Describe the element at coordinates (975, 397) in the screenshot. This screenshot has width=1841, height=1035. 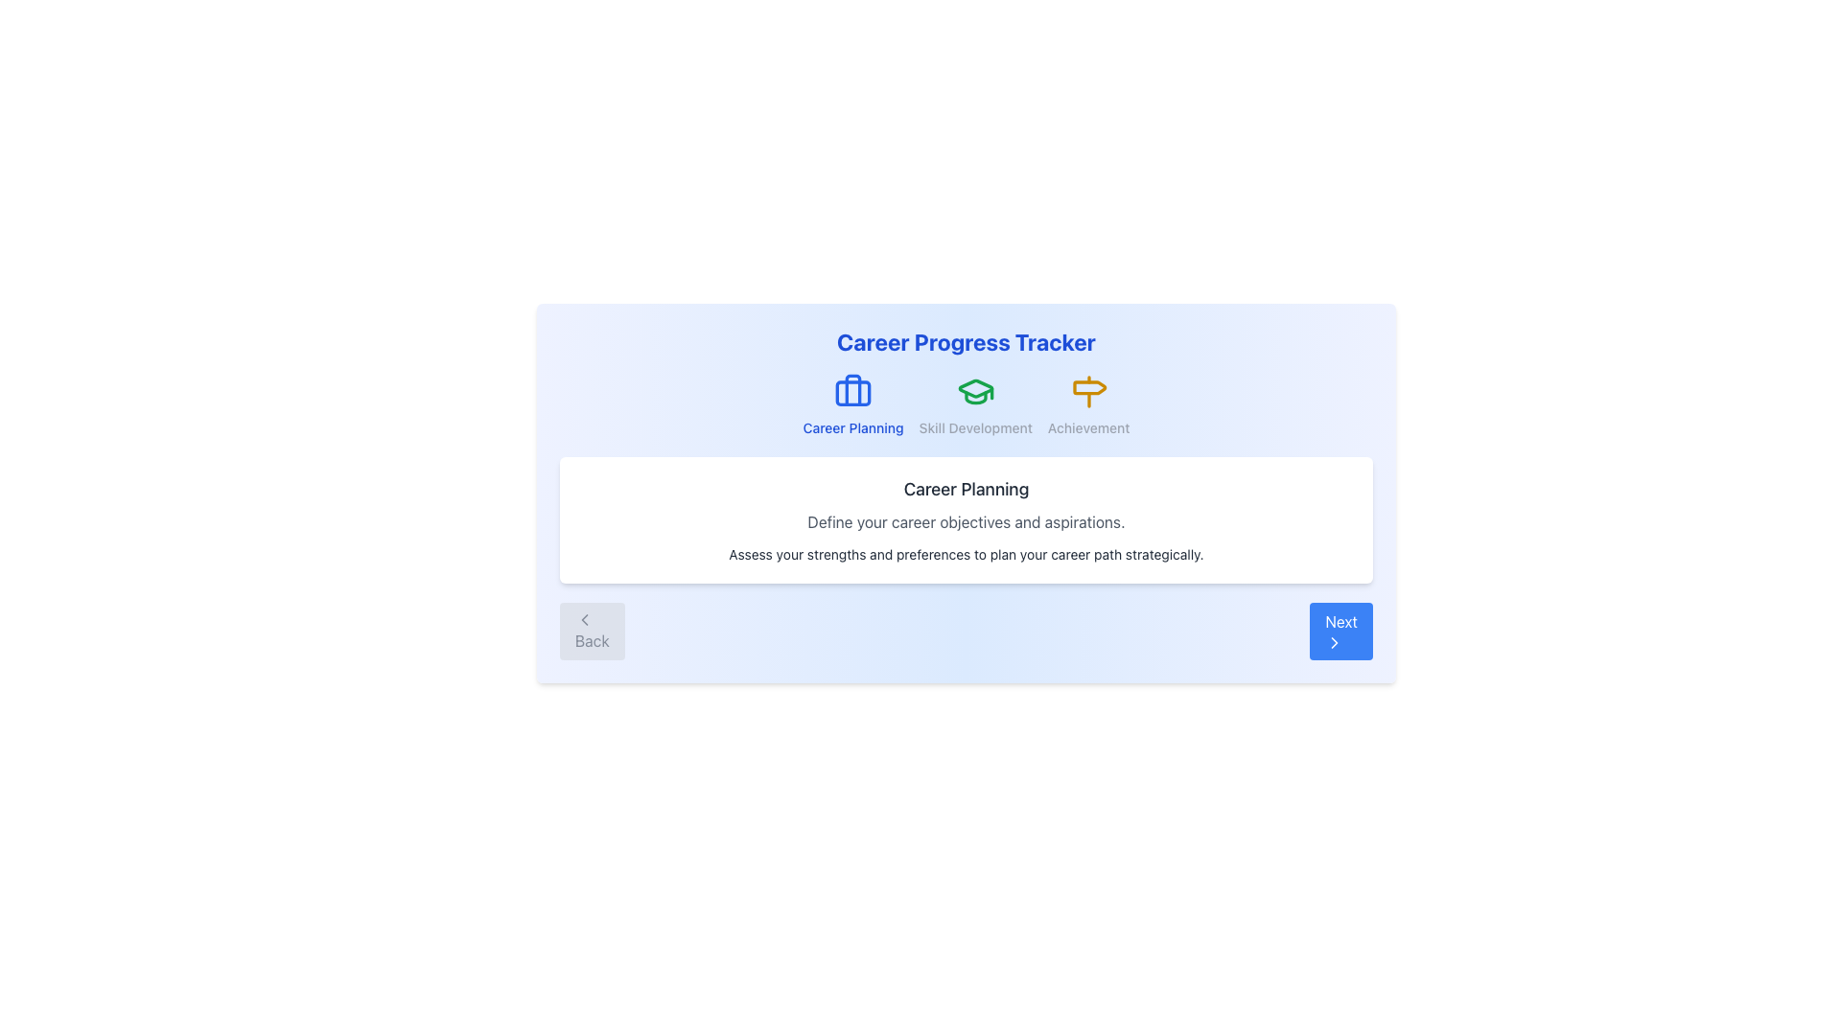
I see `the semicircular green icon with white arcs representing a graduation cap, located centrally below the 'Career Progress Tracker' title and above the 'Career Planning' label` at that location.